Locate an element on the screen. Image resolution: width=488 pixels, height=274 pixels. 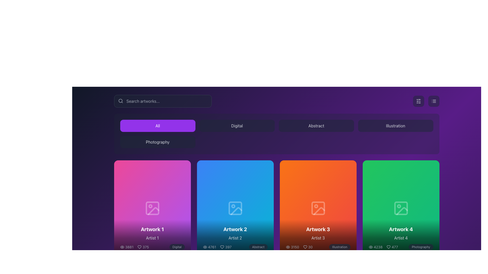
the circular button containing the heart-shaped icon is located at coordinates (137, 208).